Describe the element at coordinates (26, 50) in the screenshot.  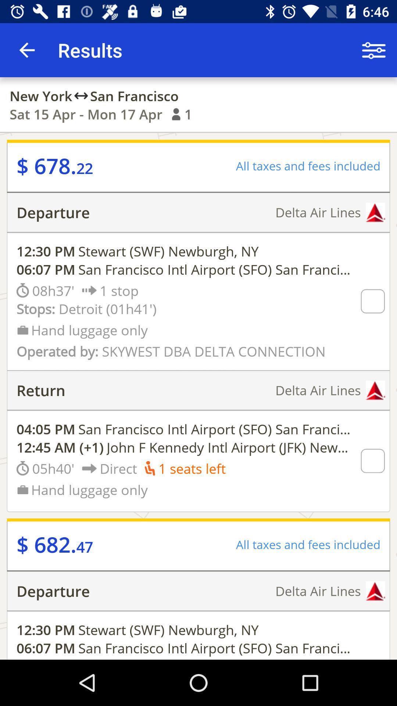
I see `the item above the new york icon` at that location.